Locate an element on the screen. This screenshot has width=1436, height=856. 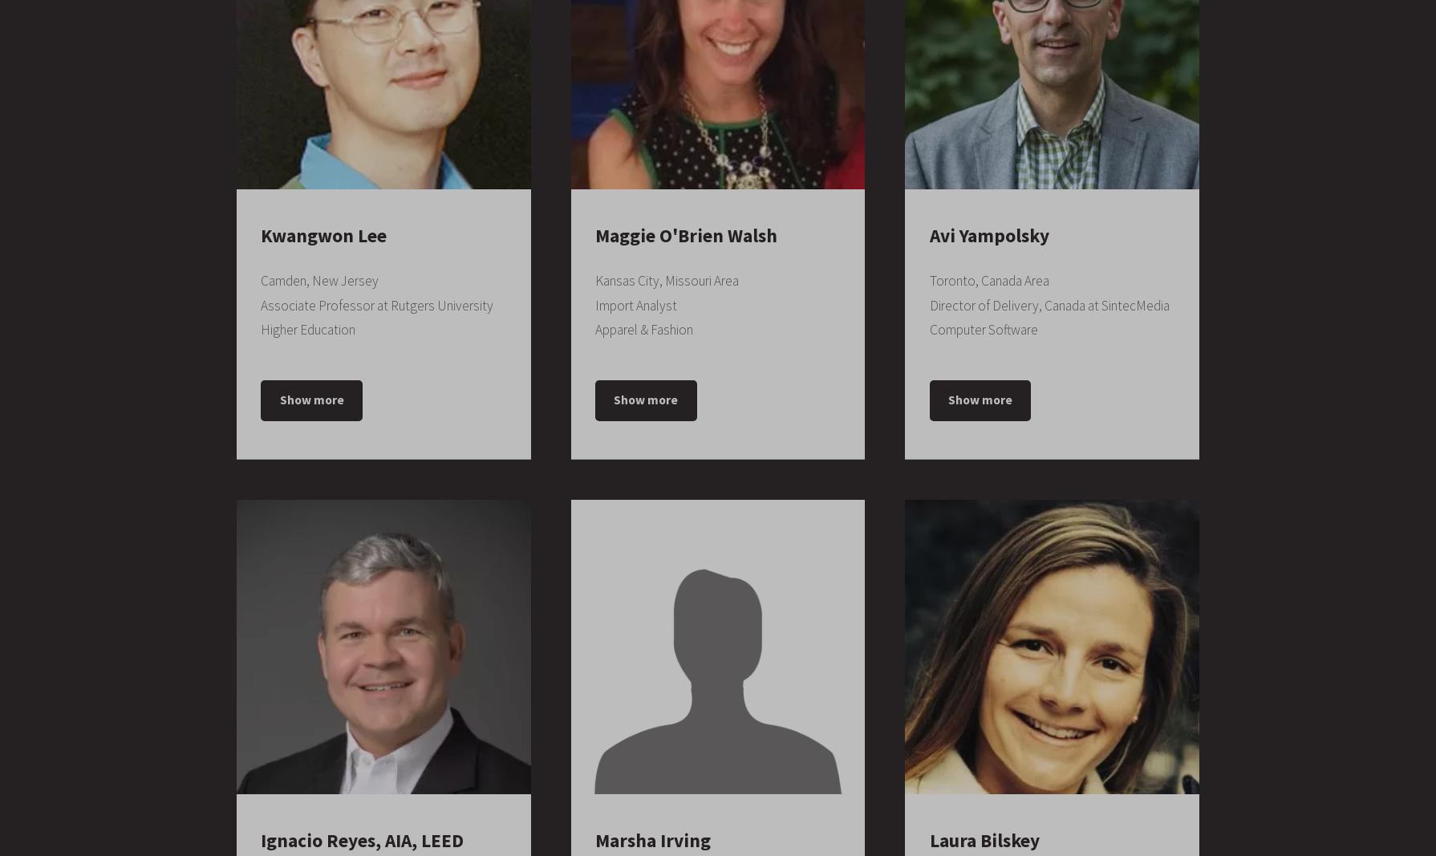
'May 2013 – Present' is located at coordinates (702, 804).